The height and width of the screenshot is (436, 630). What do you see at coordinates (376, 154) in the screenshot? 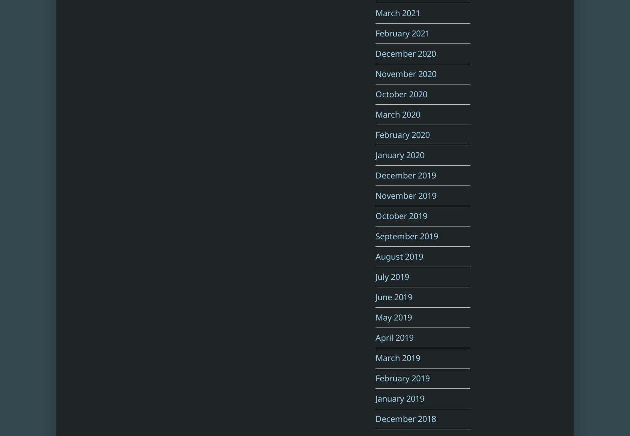
I see `'January 2020'` at bounding box center [376, 154].